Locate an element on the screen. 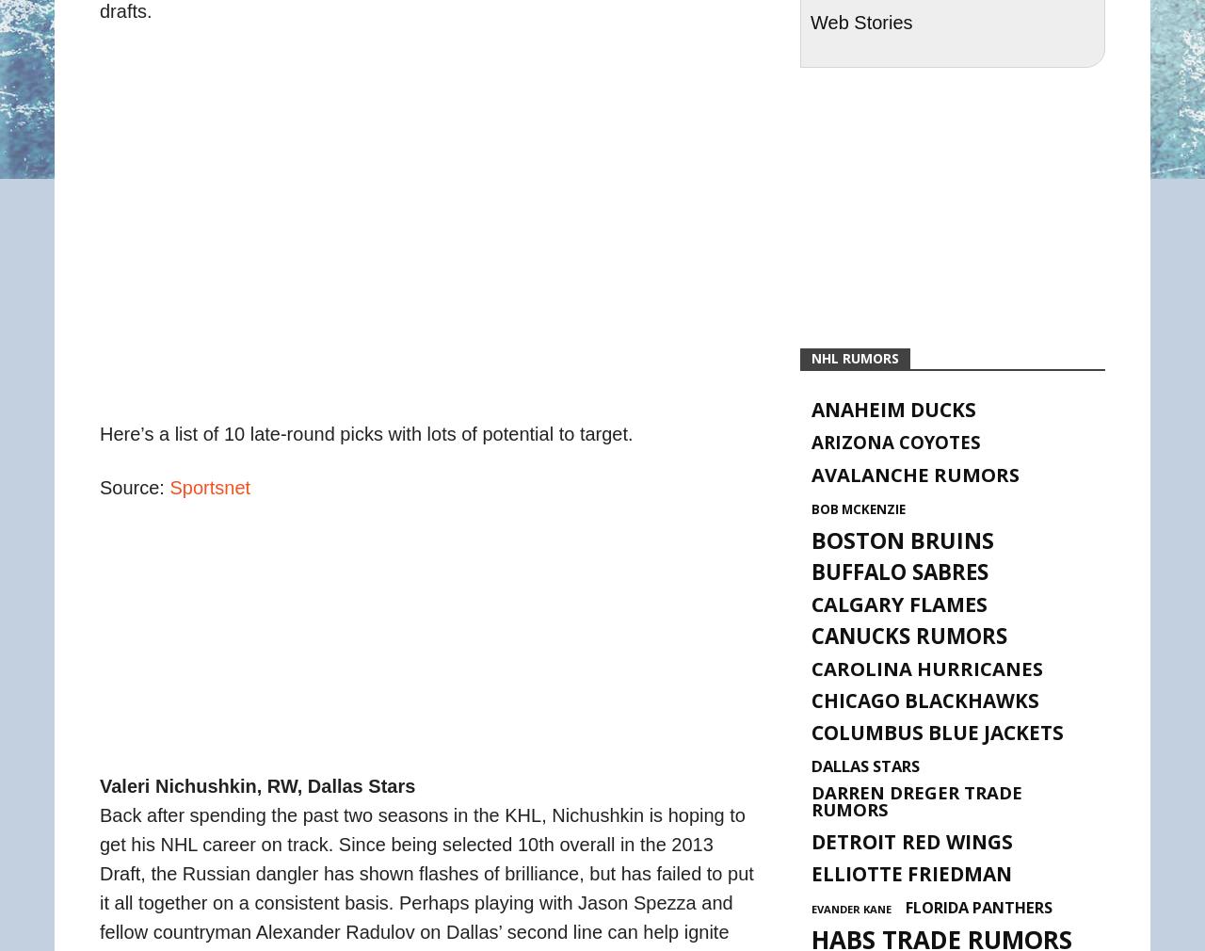 Image resolution: width=1205 pixels, height=951 pixels. 'Chicago Blackhawks' is located at coordinates (811, 699).